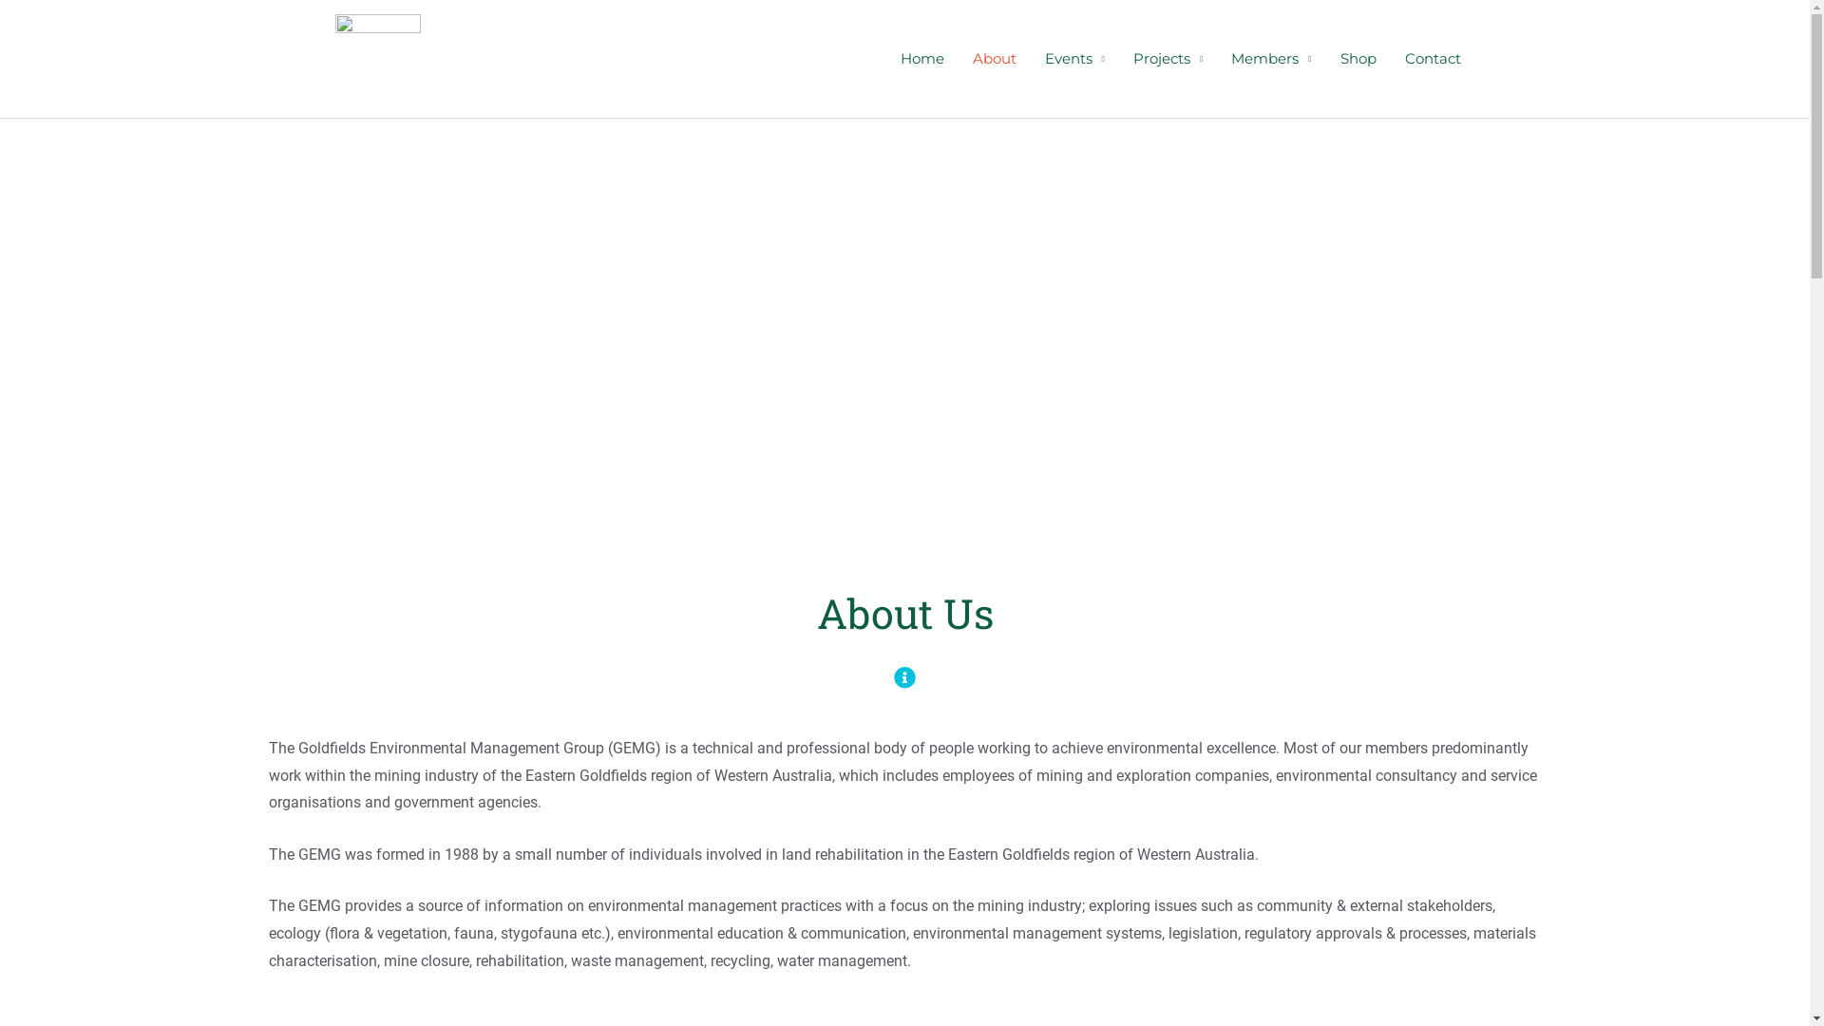  I want to click on 'Projects', so click(1118, 57).